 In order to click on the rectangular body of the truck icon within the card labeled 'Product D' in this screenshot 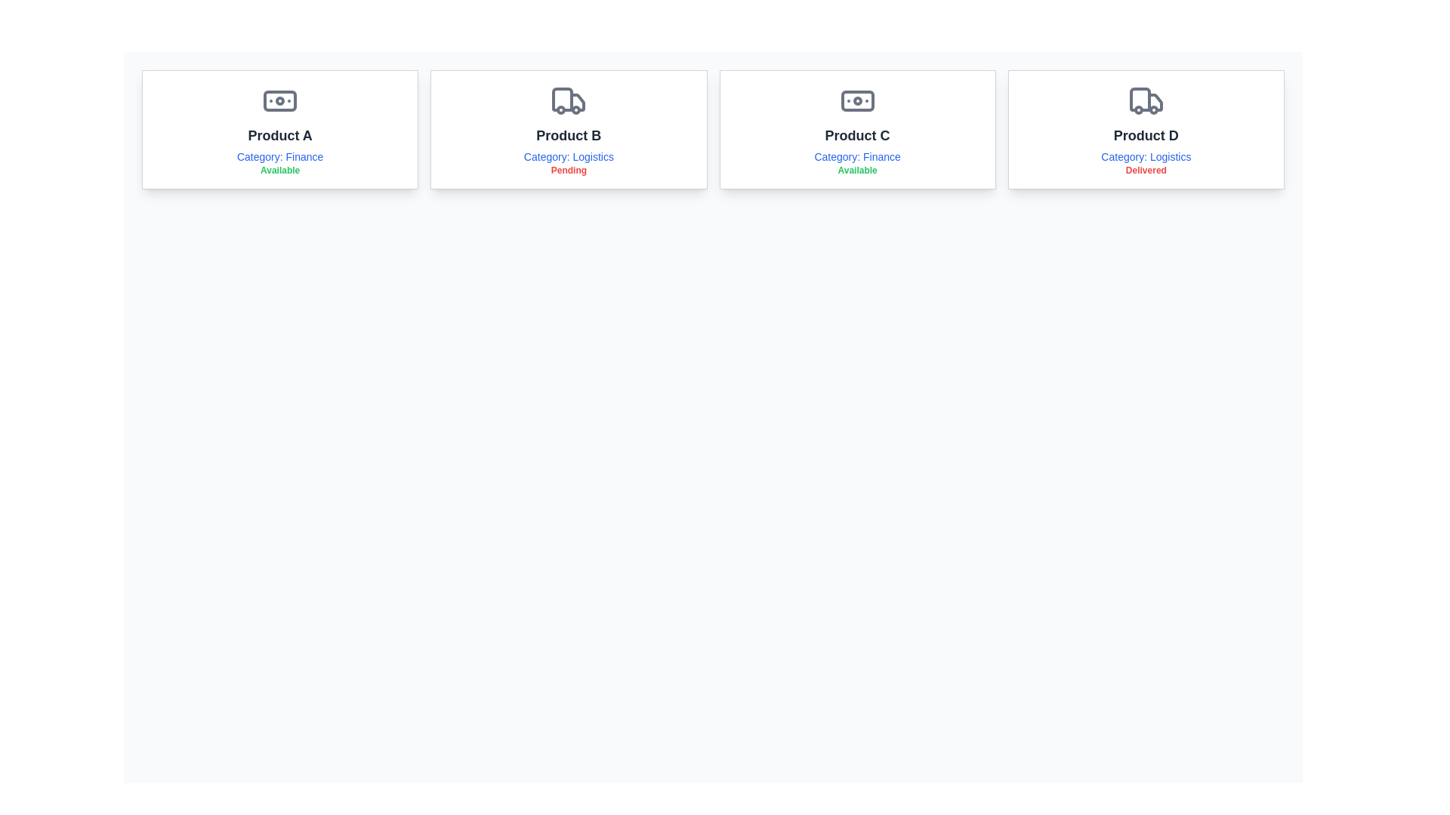, I will do `click(1140, 99)`.